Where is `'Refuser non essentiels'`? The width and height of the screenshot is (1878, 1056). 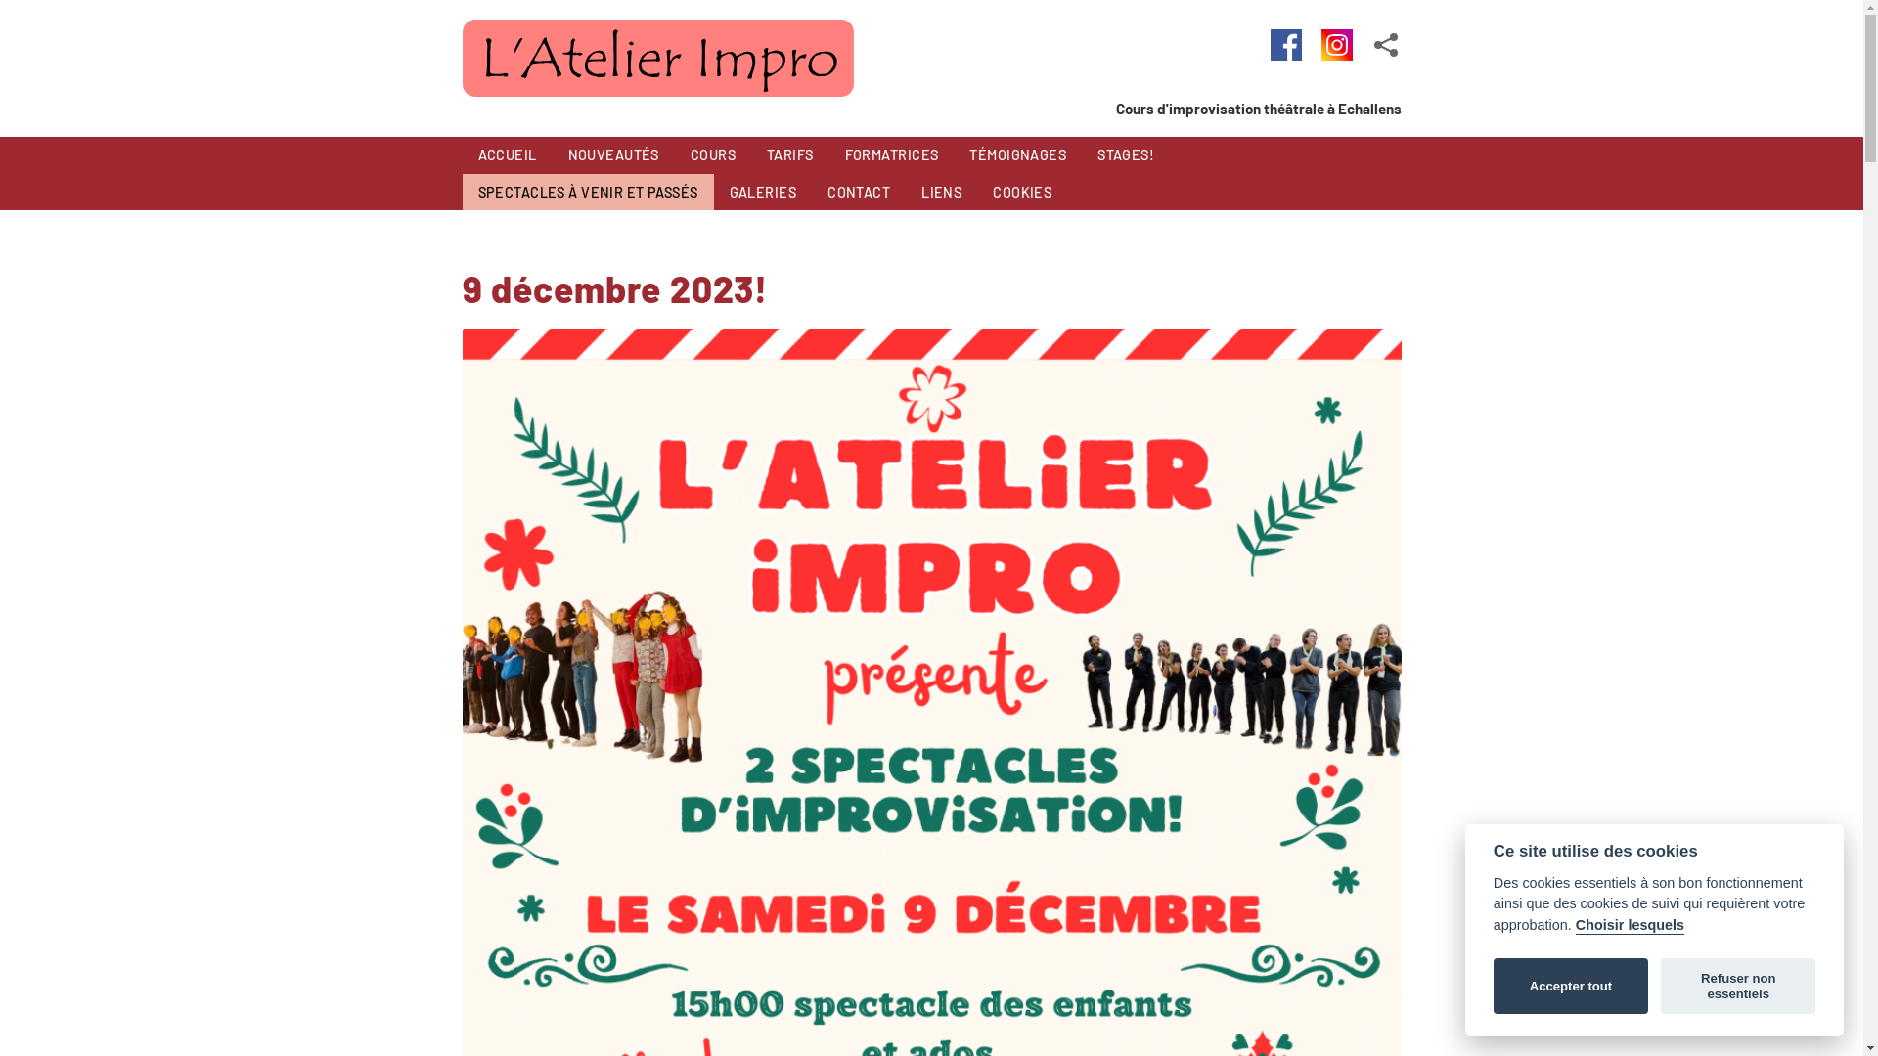 'Refuser non essentiels' is located at coordinates (1660, 987).